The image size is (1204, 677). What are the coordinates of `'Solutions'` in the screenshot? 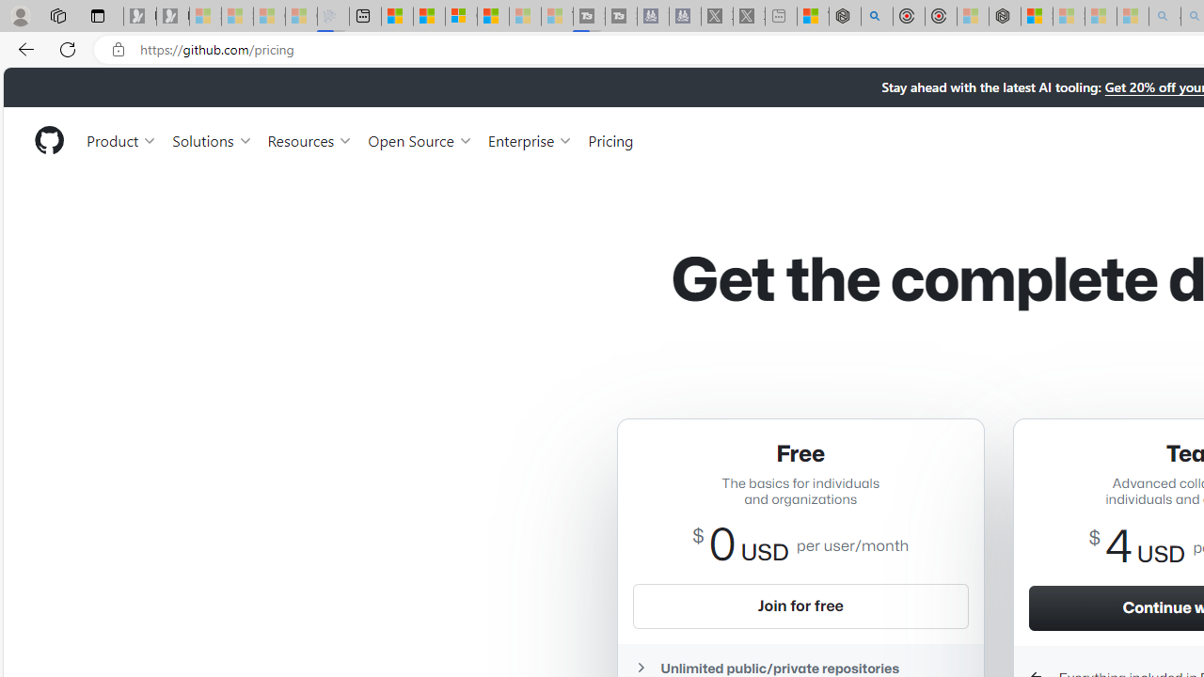 It's located at (212, 139).